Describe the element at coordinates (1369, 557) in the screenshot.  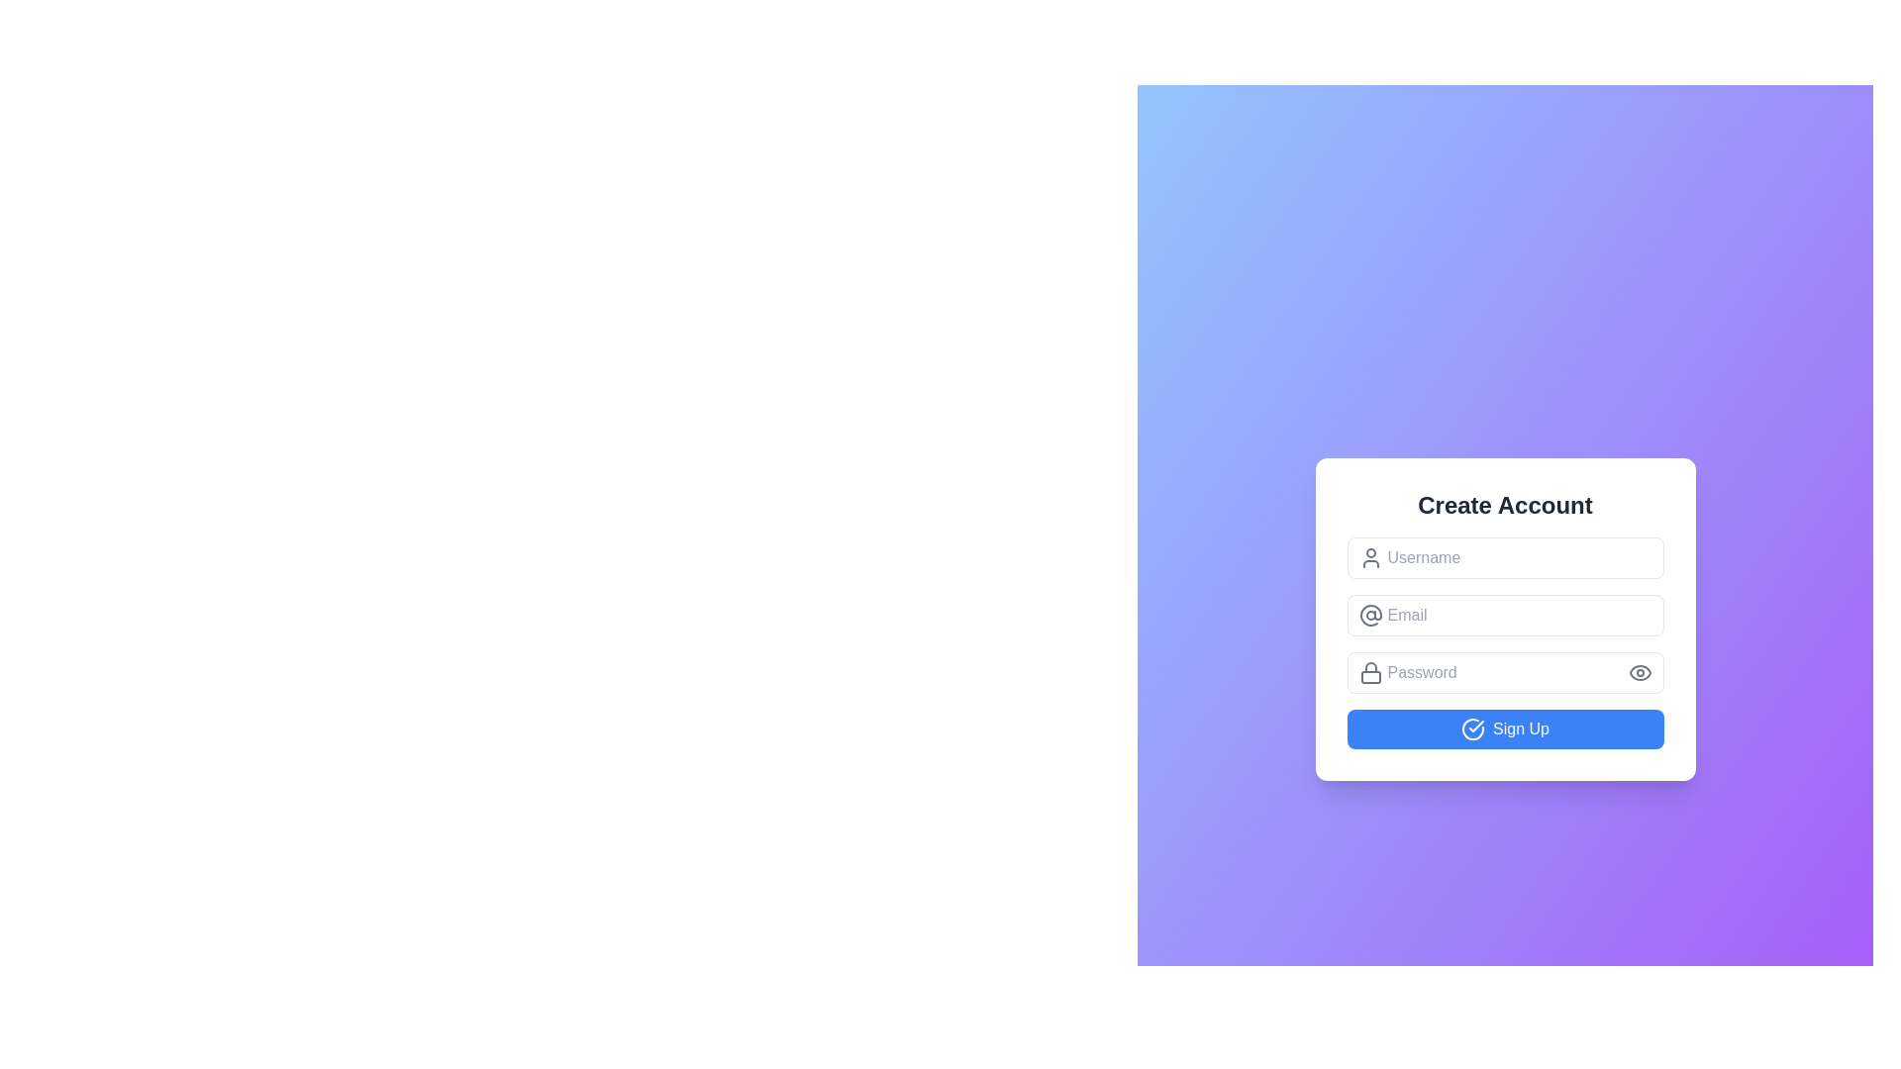
I see `the decorative icon located to the left of the 'Username' text input field, which indicates the purpose of the field` at that location.